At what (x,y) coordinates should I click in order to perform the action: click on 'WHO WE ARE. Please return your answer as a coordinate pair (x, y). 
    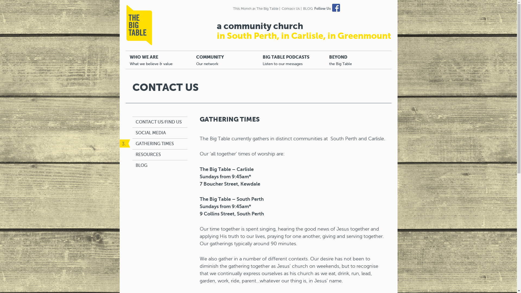
    Looking at the image, I should click on (158, 60).